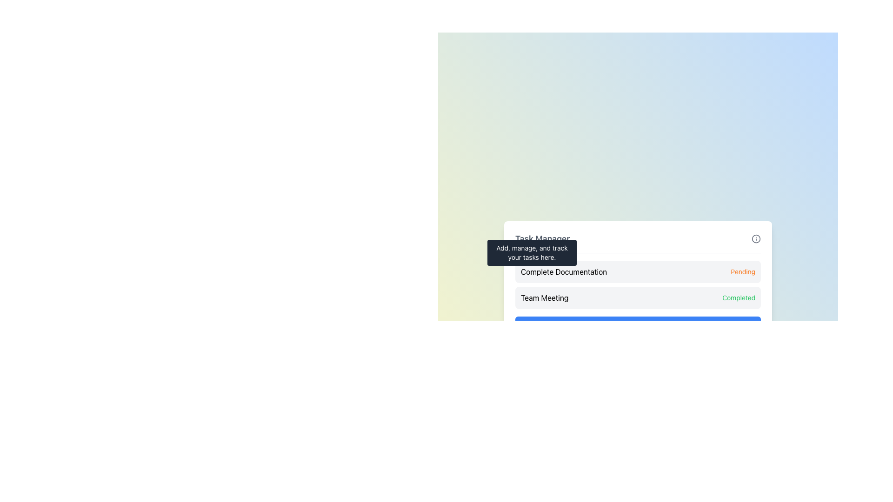  I want to click on the Status indicator text that conveys the status of the task labeled 'Team Meeting', which is marked as 'Completed', so click(738, 297).